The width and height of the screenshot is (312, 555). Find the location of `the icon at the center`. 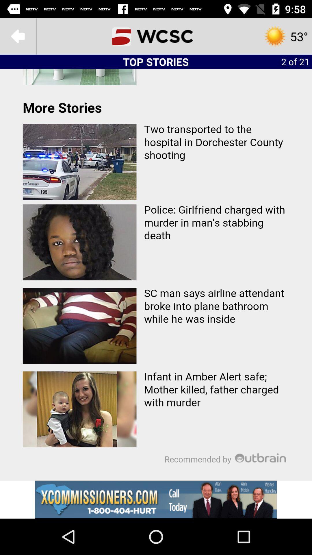

the icon at the center is located at coordinates (156, 274).